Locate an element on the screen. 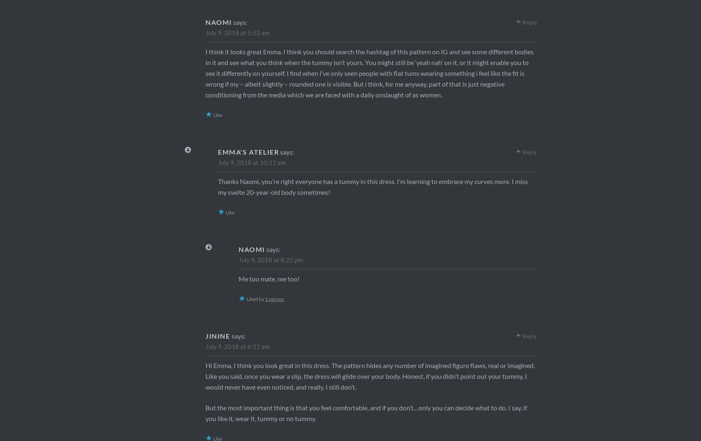 This screenshot has width=701, height=441. 'Jinine' is located at coordinates (218, 336).